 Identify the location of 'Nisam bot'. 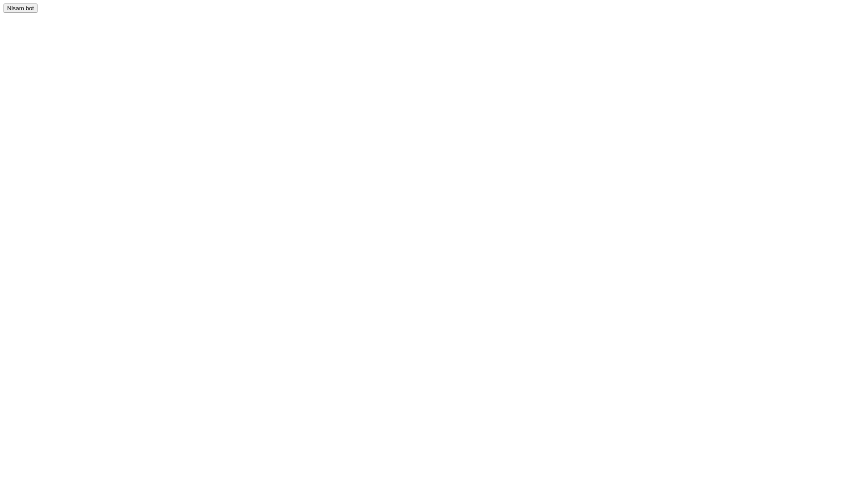
(21, 8).